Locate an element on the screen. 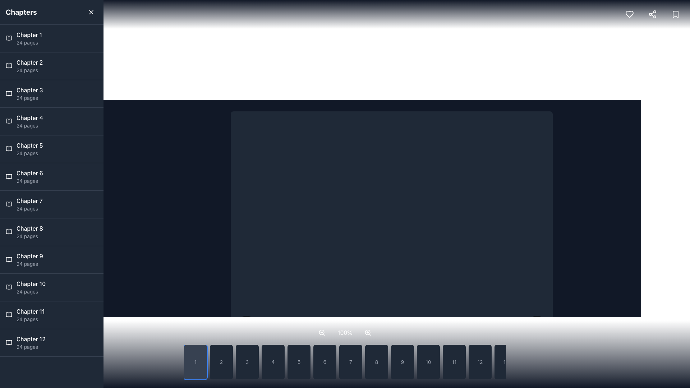  the list item labeled 'Chapter 6' is located at coordinates (29, 177).